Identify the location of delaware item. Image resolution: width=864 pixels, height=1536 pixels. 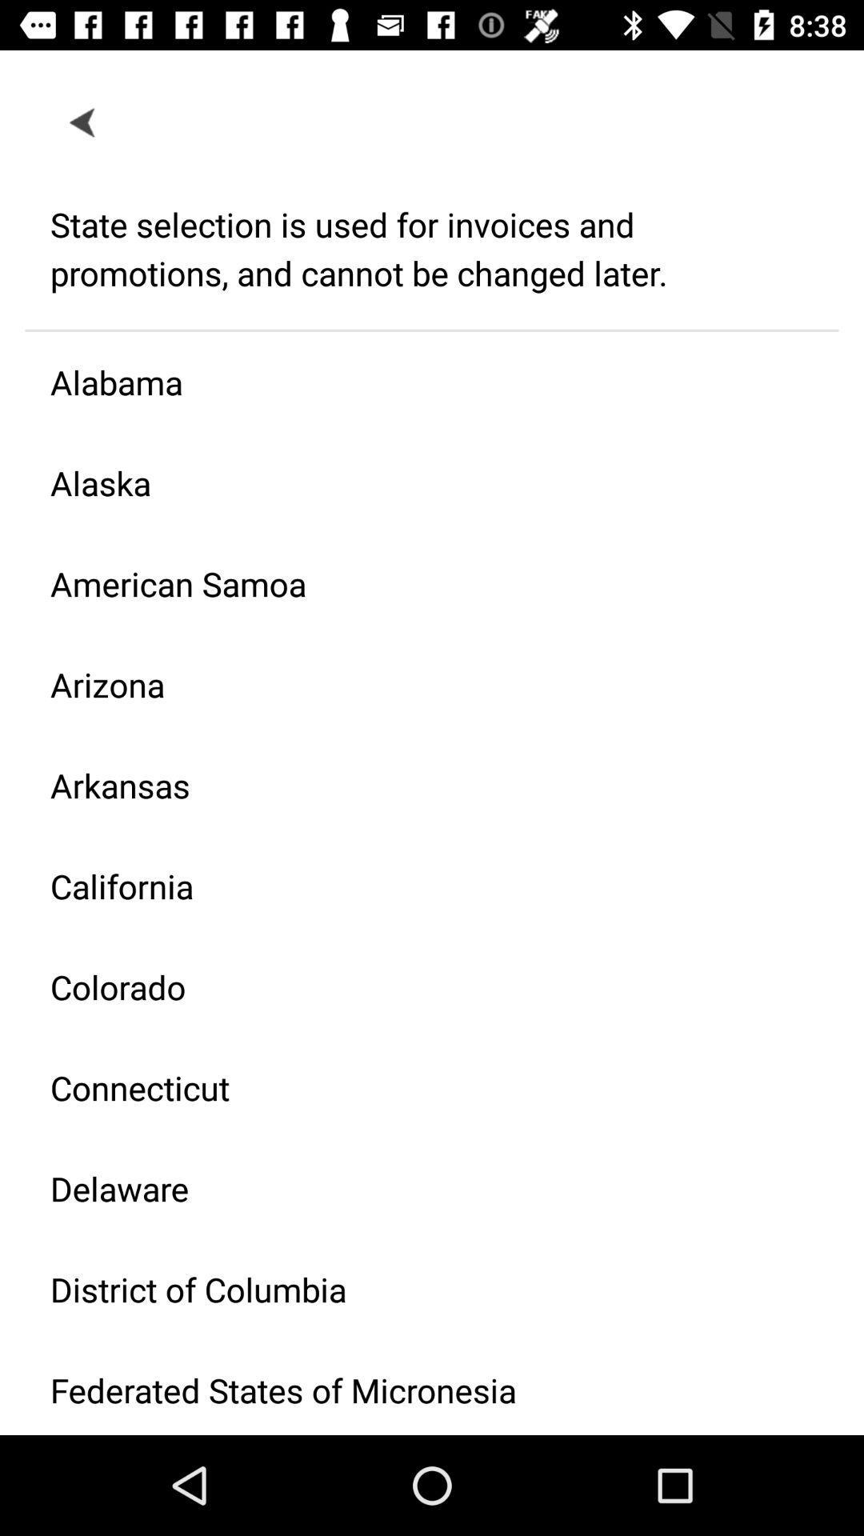
(418, 1188).